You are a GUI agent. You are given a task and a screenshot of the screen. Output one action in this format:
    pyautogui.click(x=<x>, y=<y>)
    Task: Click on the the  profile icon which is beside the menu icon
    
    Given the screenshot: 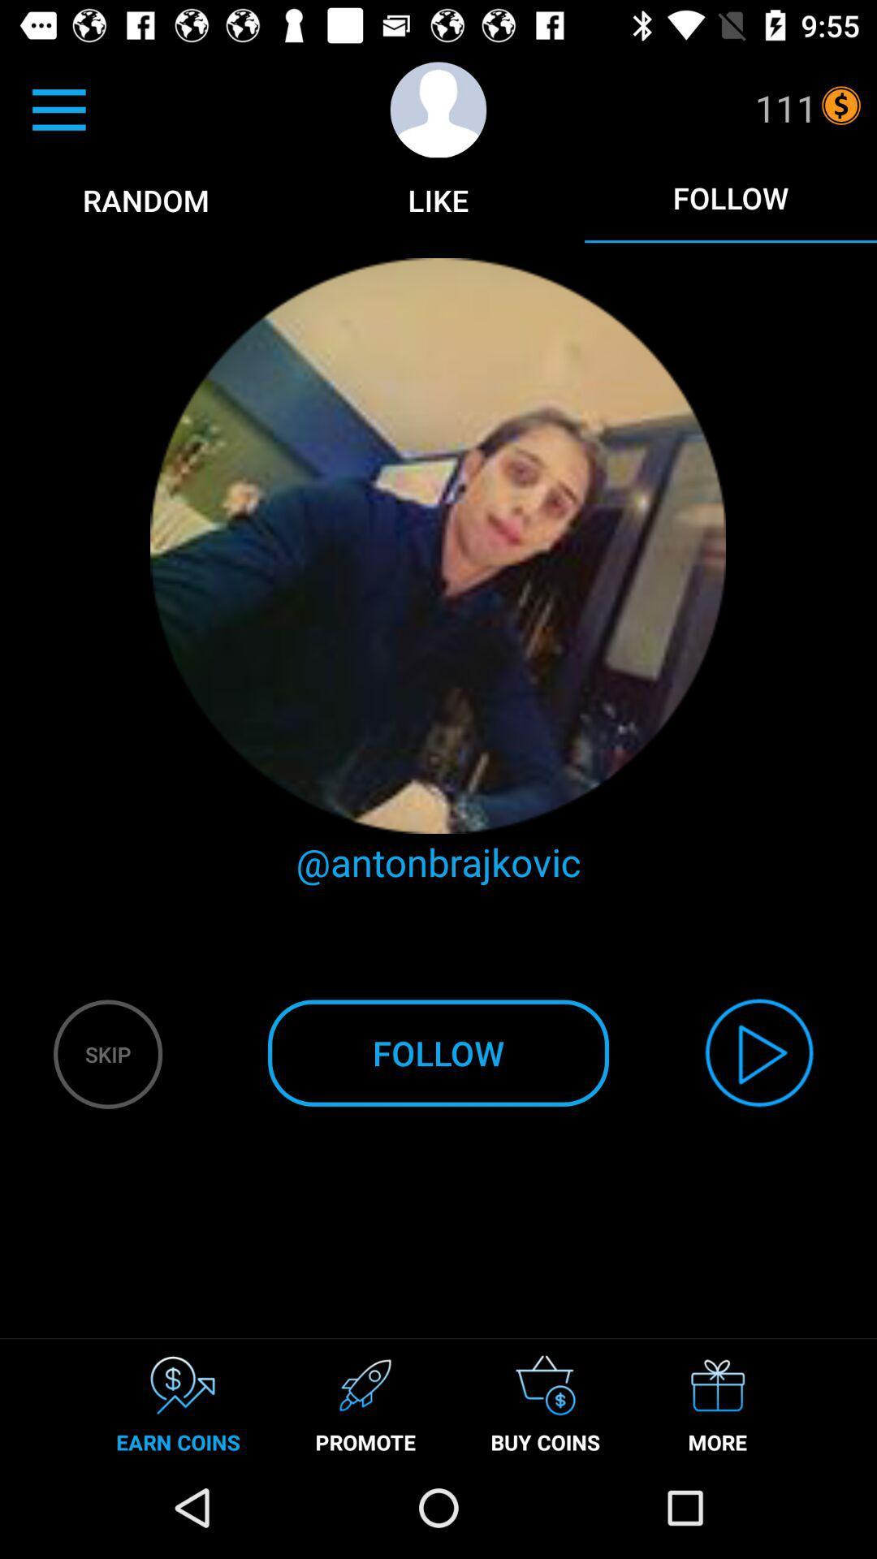 What is the action you would take?
    pyautogui.click(x=438, y=109)
    